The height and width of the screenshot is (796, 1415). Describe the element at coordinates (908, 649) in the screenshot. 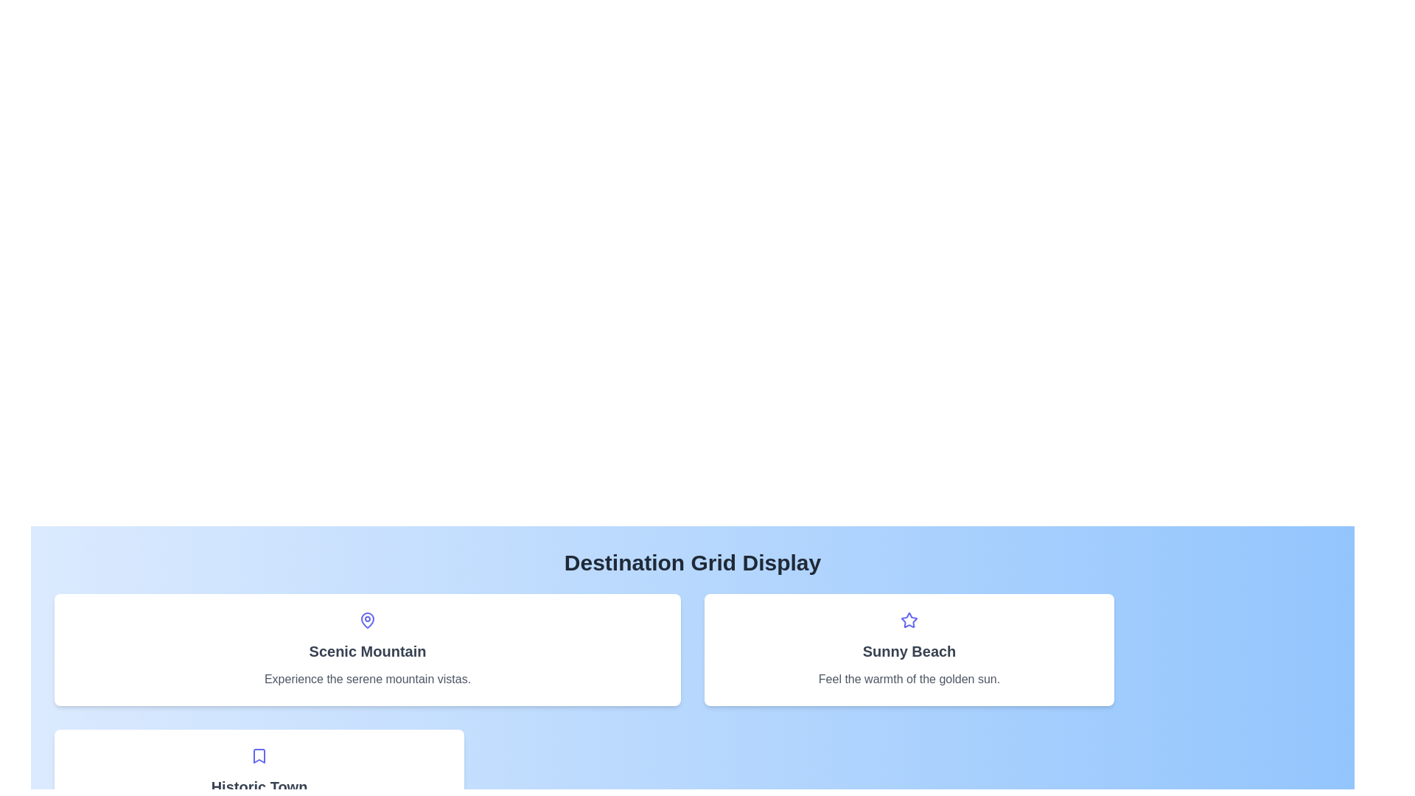

I see `the 'Sunny Beach' card, which is a rectangular card with a white background and a purple star icon at the top` at that location.